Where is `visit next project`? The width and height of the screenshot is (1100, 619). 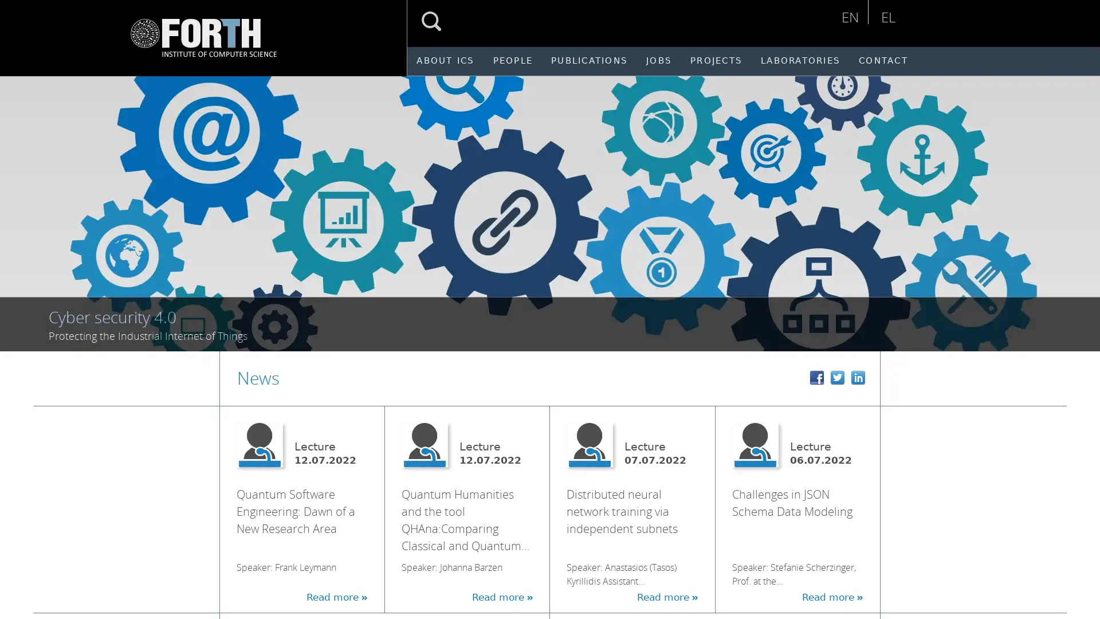
visit next project is located at coordinates (1082, 207).